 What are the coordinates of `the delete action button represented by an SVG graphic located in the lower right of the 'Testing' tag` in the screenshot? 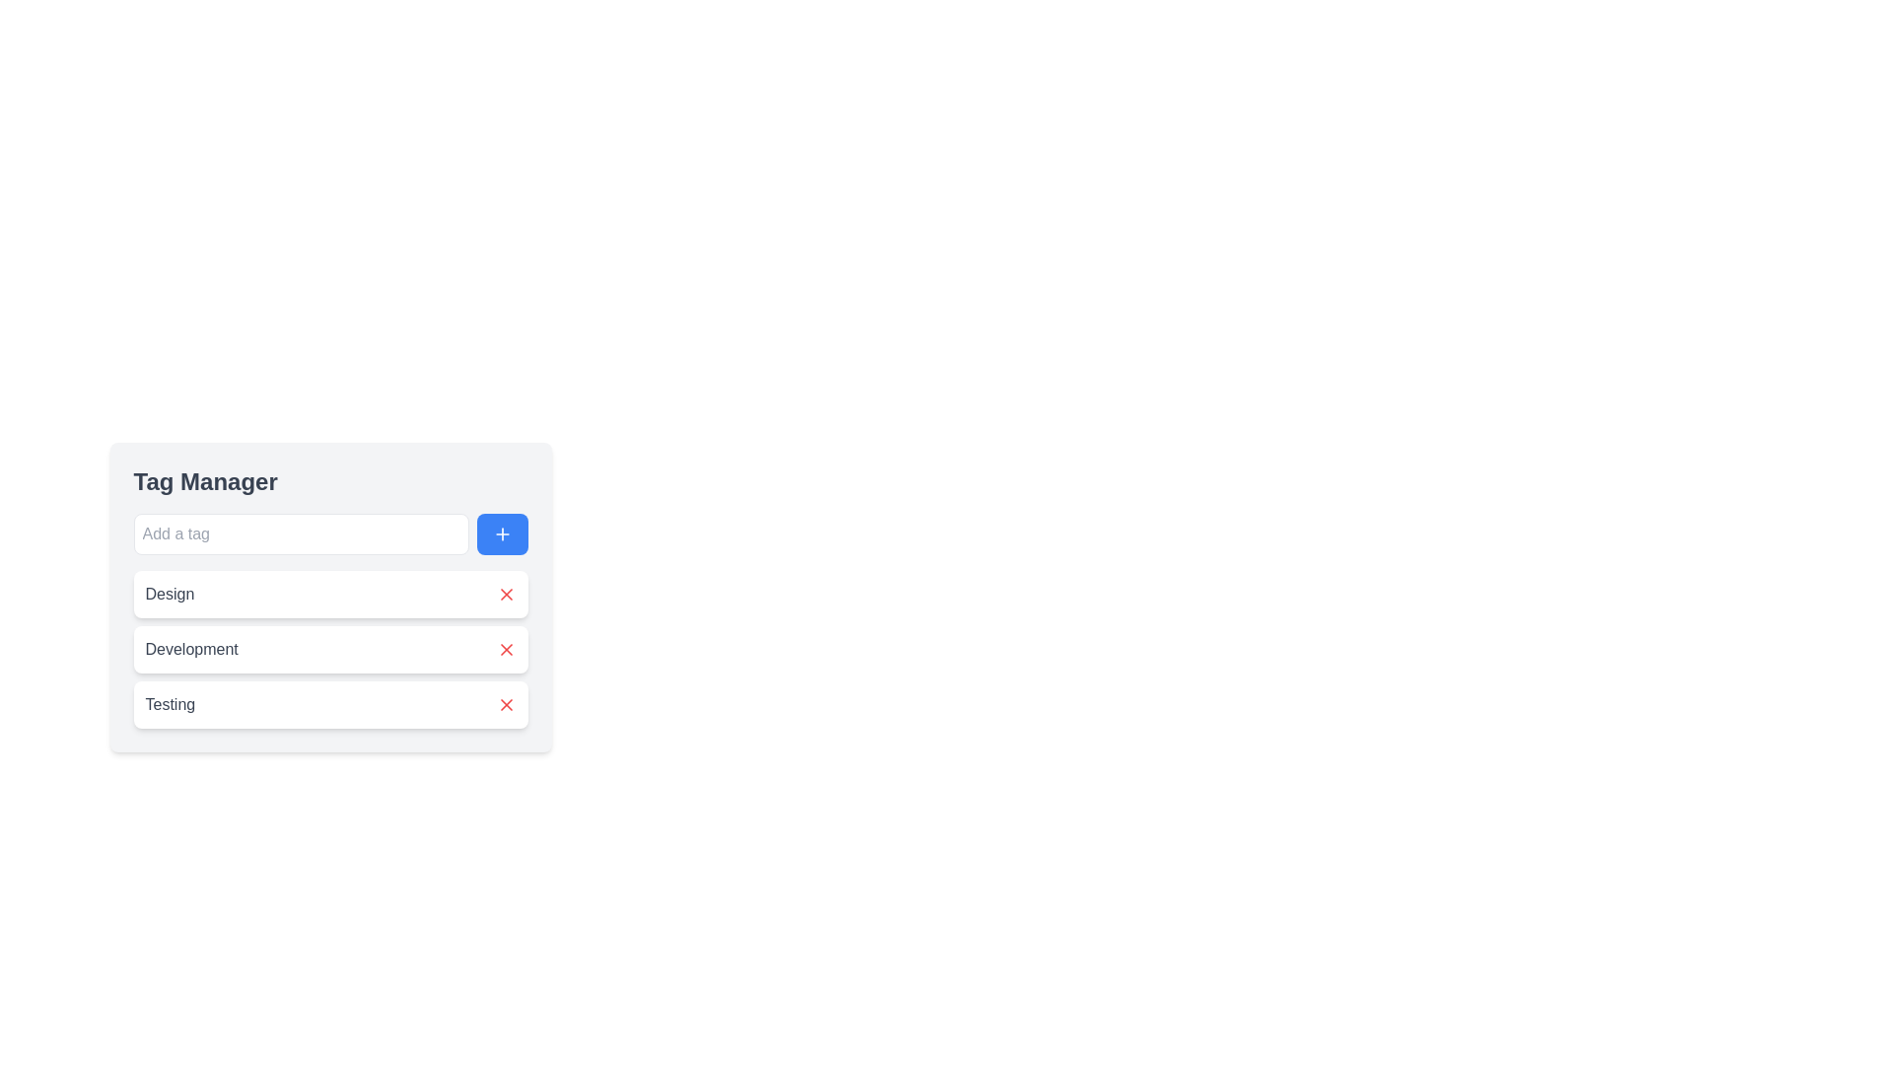 It's located at (506, 703).